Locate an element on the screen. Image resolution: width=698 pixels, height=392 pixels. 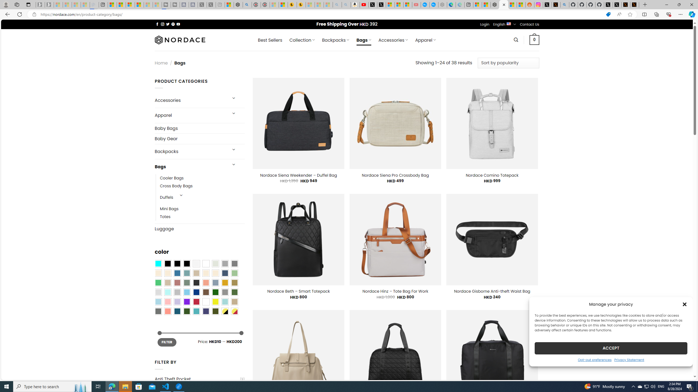
'Opinion: Op-Ed and Commentary - USA TODAY' is located at coordinates (425, 4).